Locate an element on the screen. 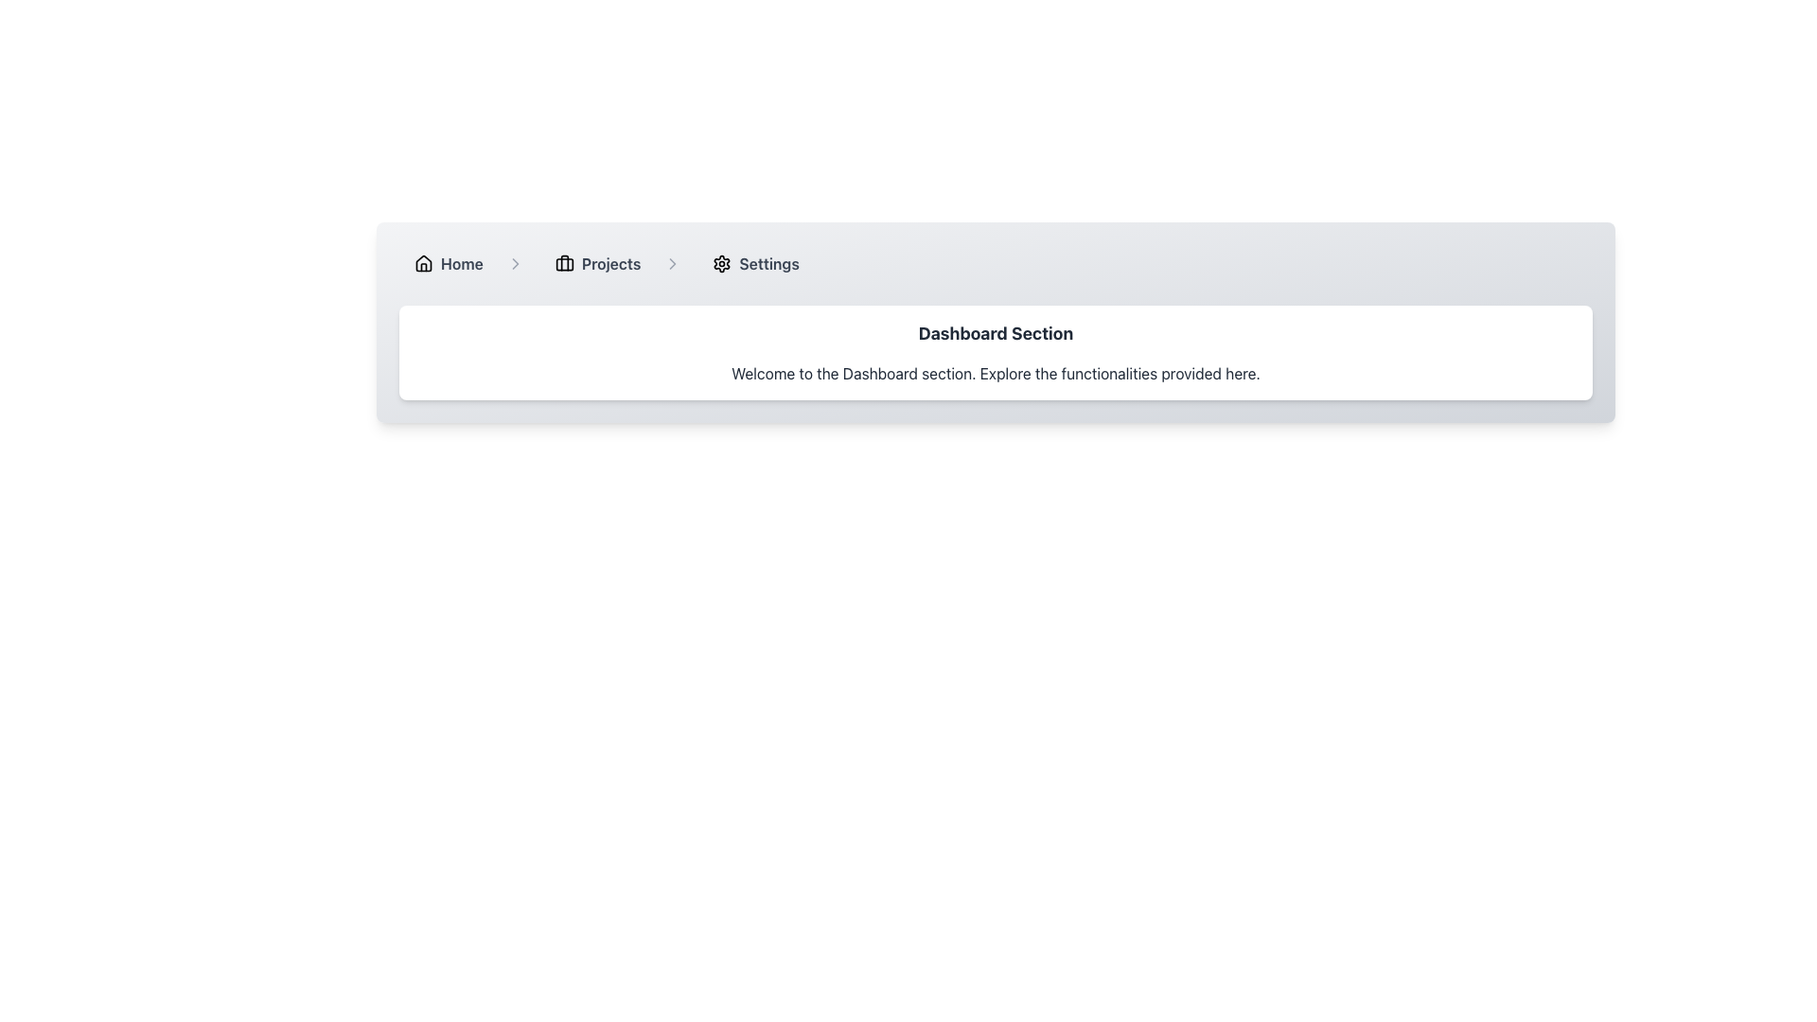  the 'Projects' button, which is the second item in the navigation bar is located at coordinates (597, 263).